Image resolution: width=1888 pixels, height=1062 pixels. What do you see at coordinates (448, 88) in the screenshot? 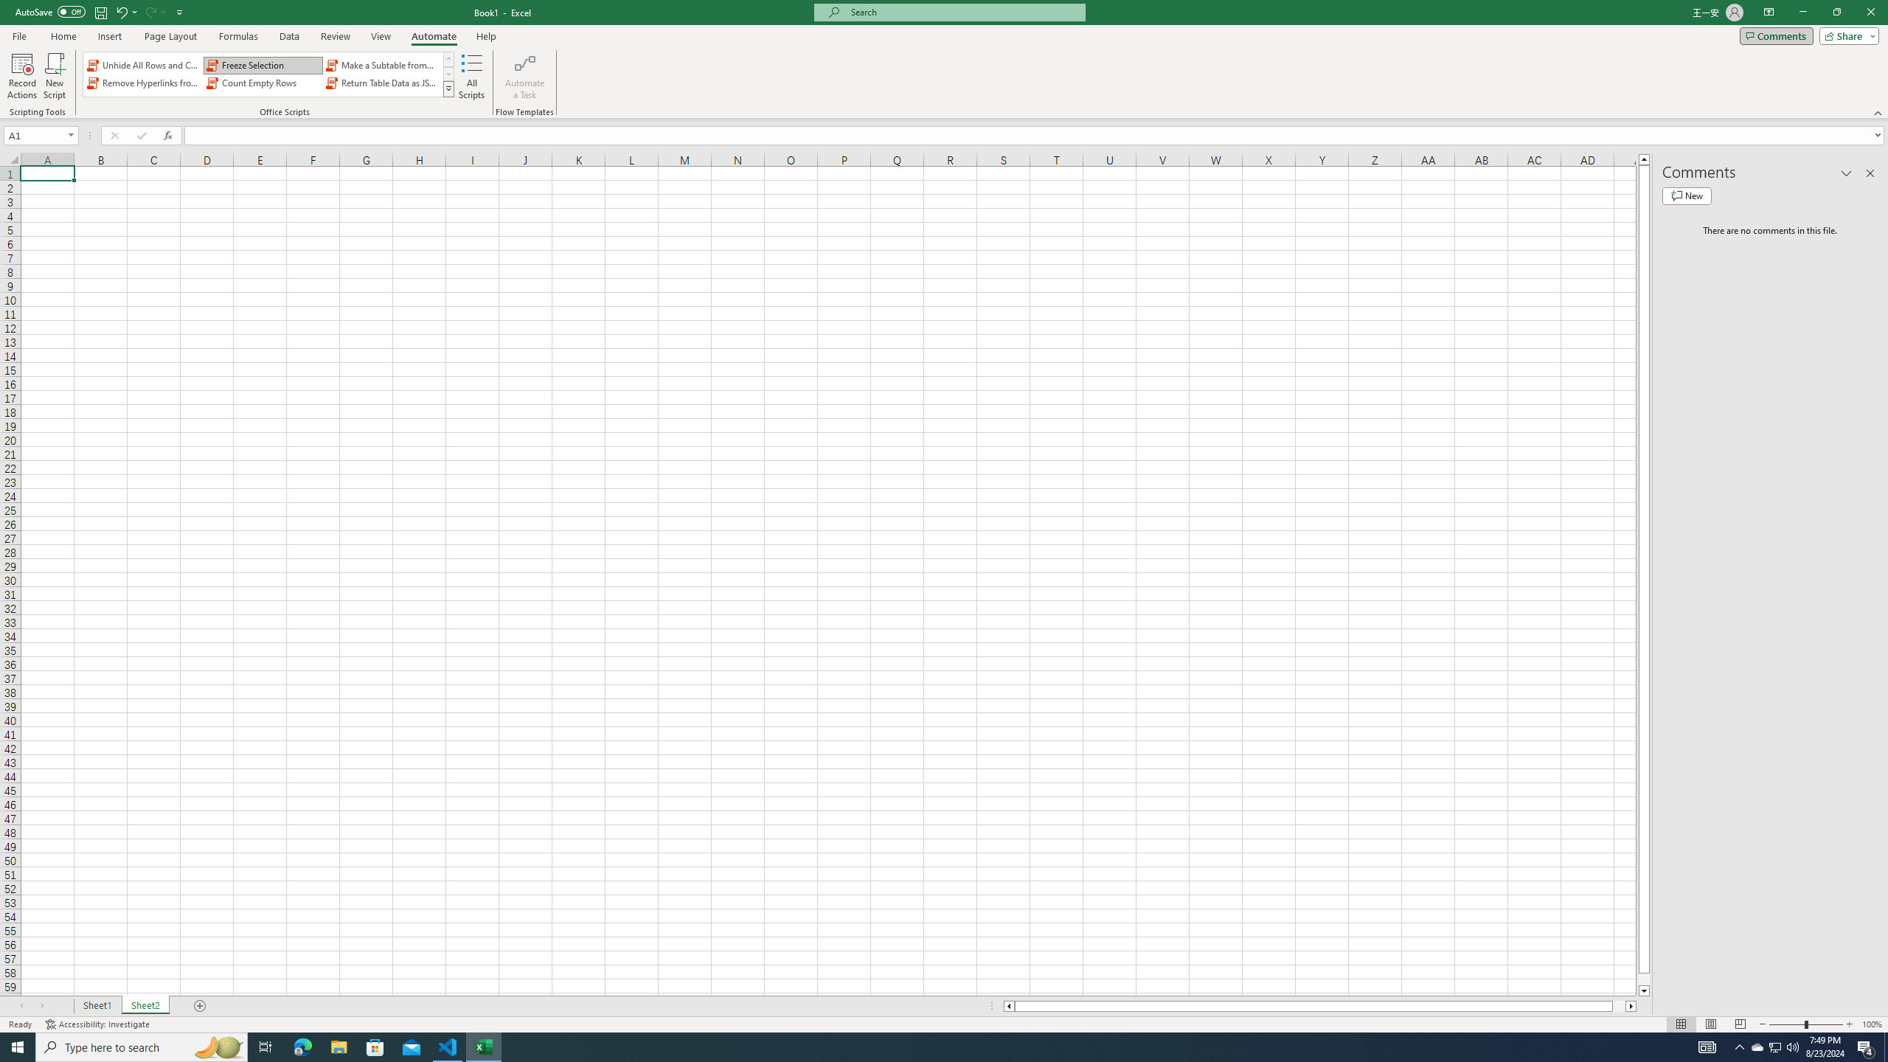
I see `'Office Scripts'` at bounding box center [448, 88].